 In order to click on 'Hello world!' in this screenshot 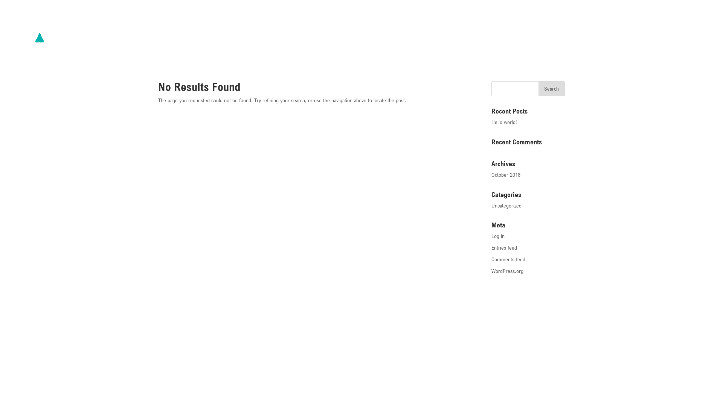, I will do `click(504, 121)`.